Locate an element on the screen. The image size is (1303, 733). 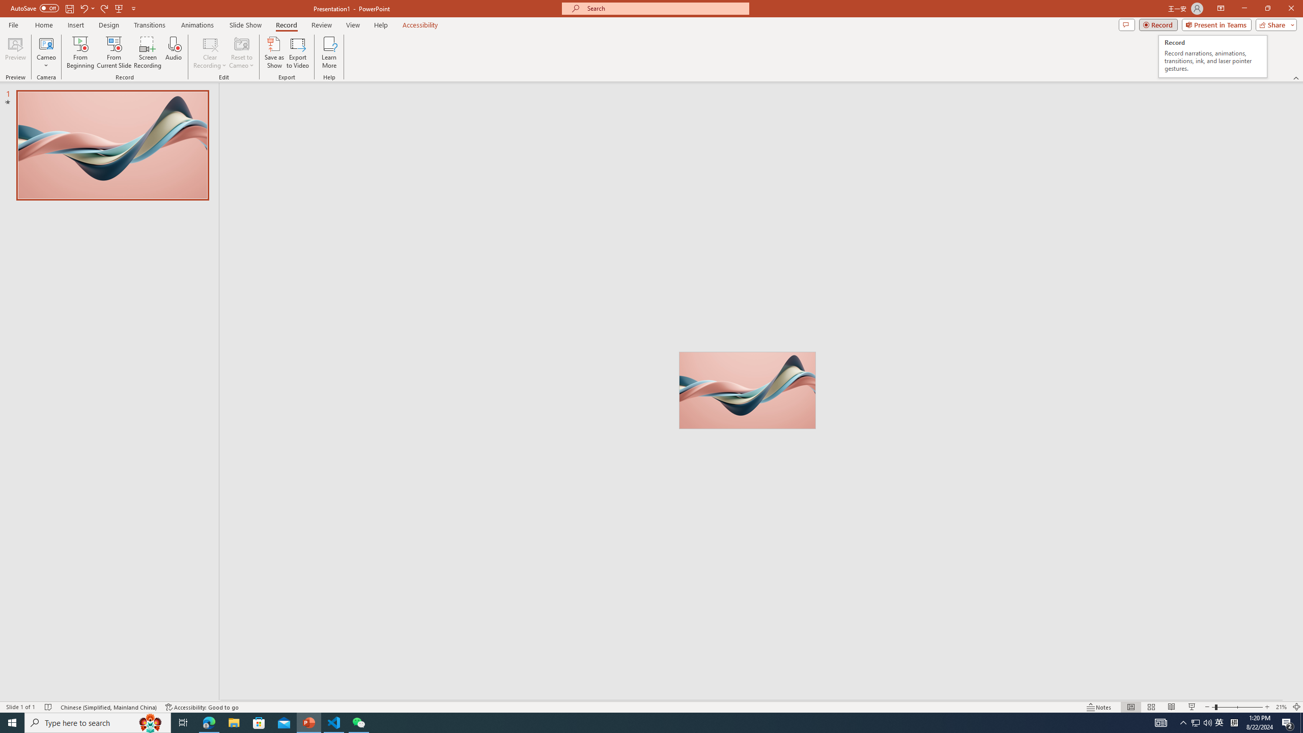
'Wavy 3D art' is located at coordinates (747, 390).